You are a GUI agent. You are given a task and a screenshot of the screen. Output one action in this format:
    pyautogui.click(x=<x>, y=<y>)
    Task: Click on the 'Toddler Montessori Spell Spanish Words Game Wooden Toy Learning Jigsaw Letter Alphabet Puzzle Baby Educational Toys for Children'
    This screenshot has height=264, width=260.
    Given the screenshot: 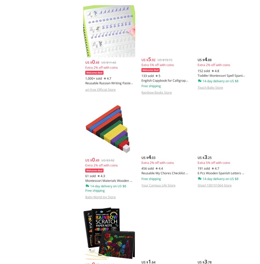 What is the action you would take?
    pyautogui.click(x=221, y=85)
    